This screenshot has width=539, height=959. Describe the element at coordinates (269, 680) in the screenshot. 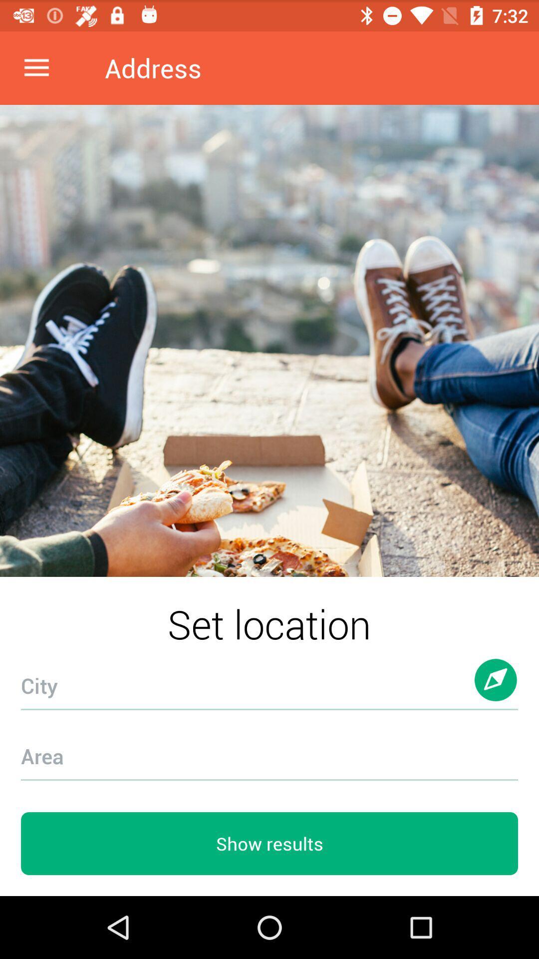

I see `the icon below the set location` at that location.